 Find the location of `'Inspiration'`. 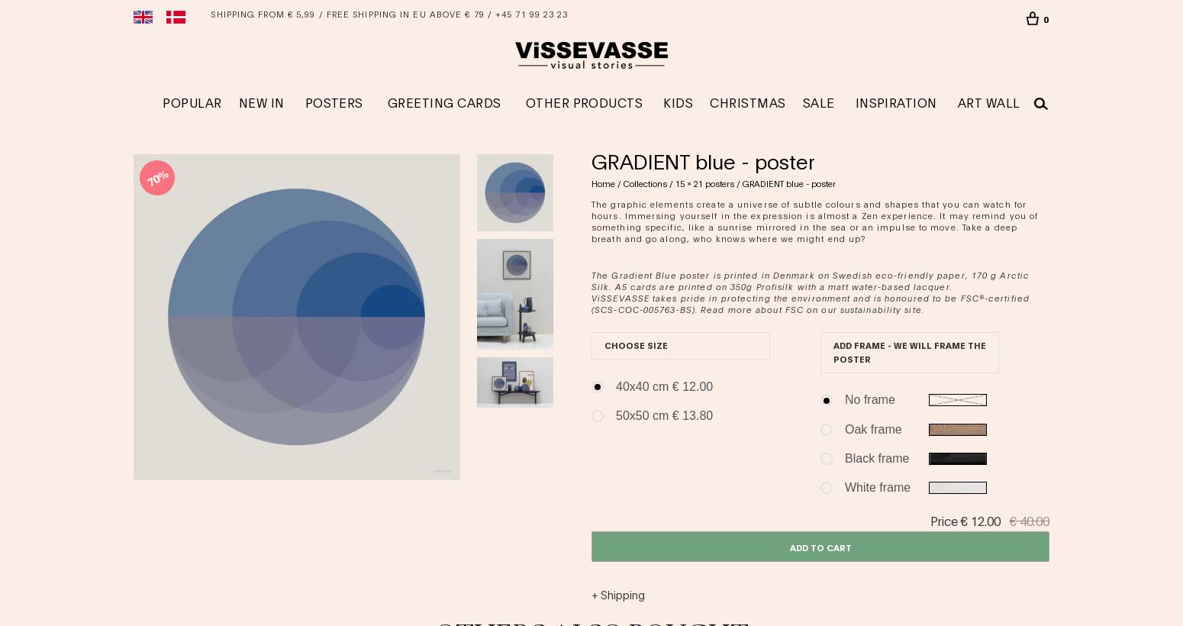

'Inspiration' is located at coordinates (854, 101).